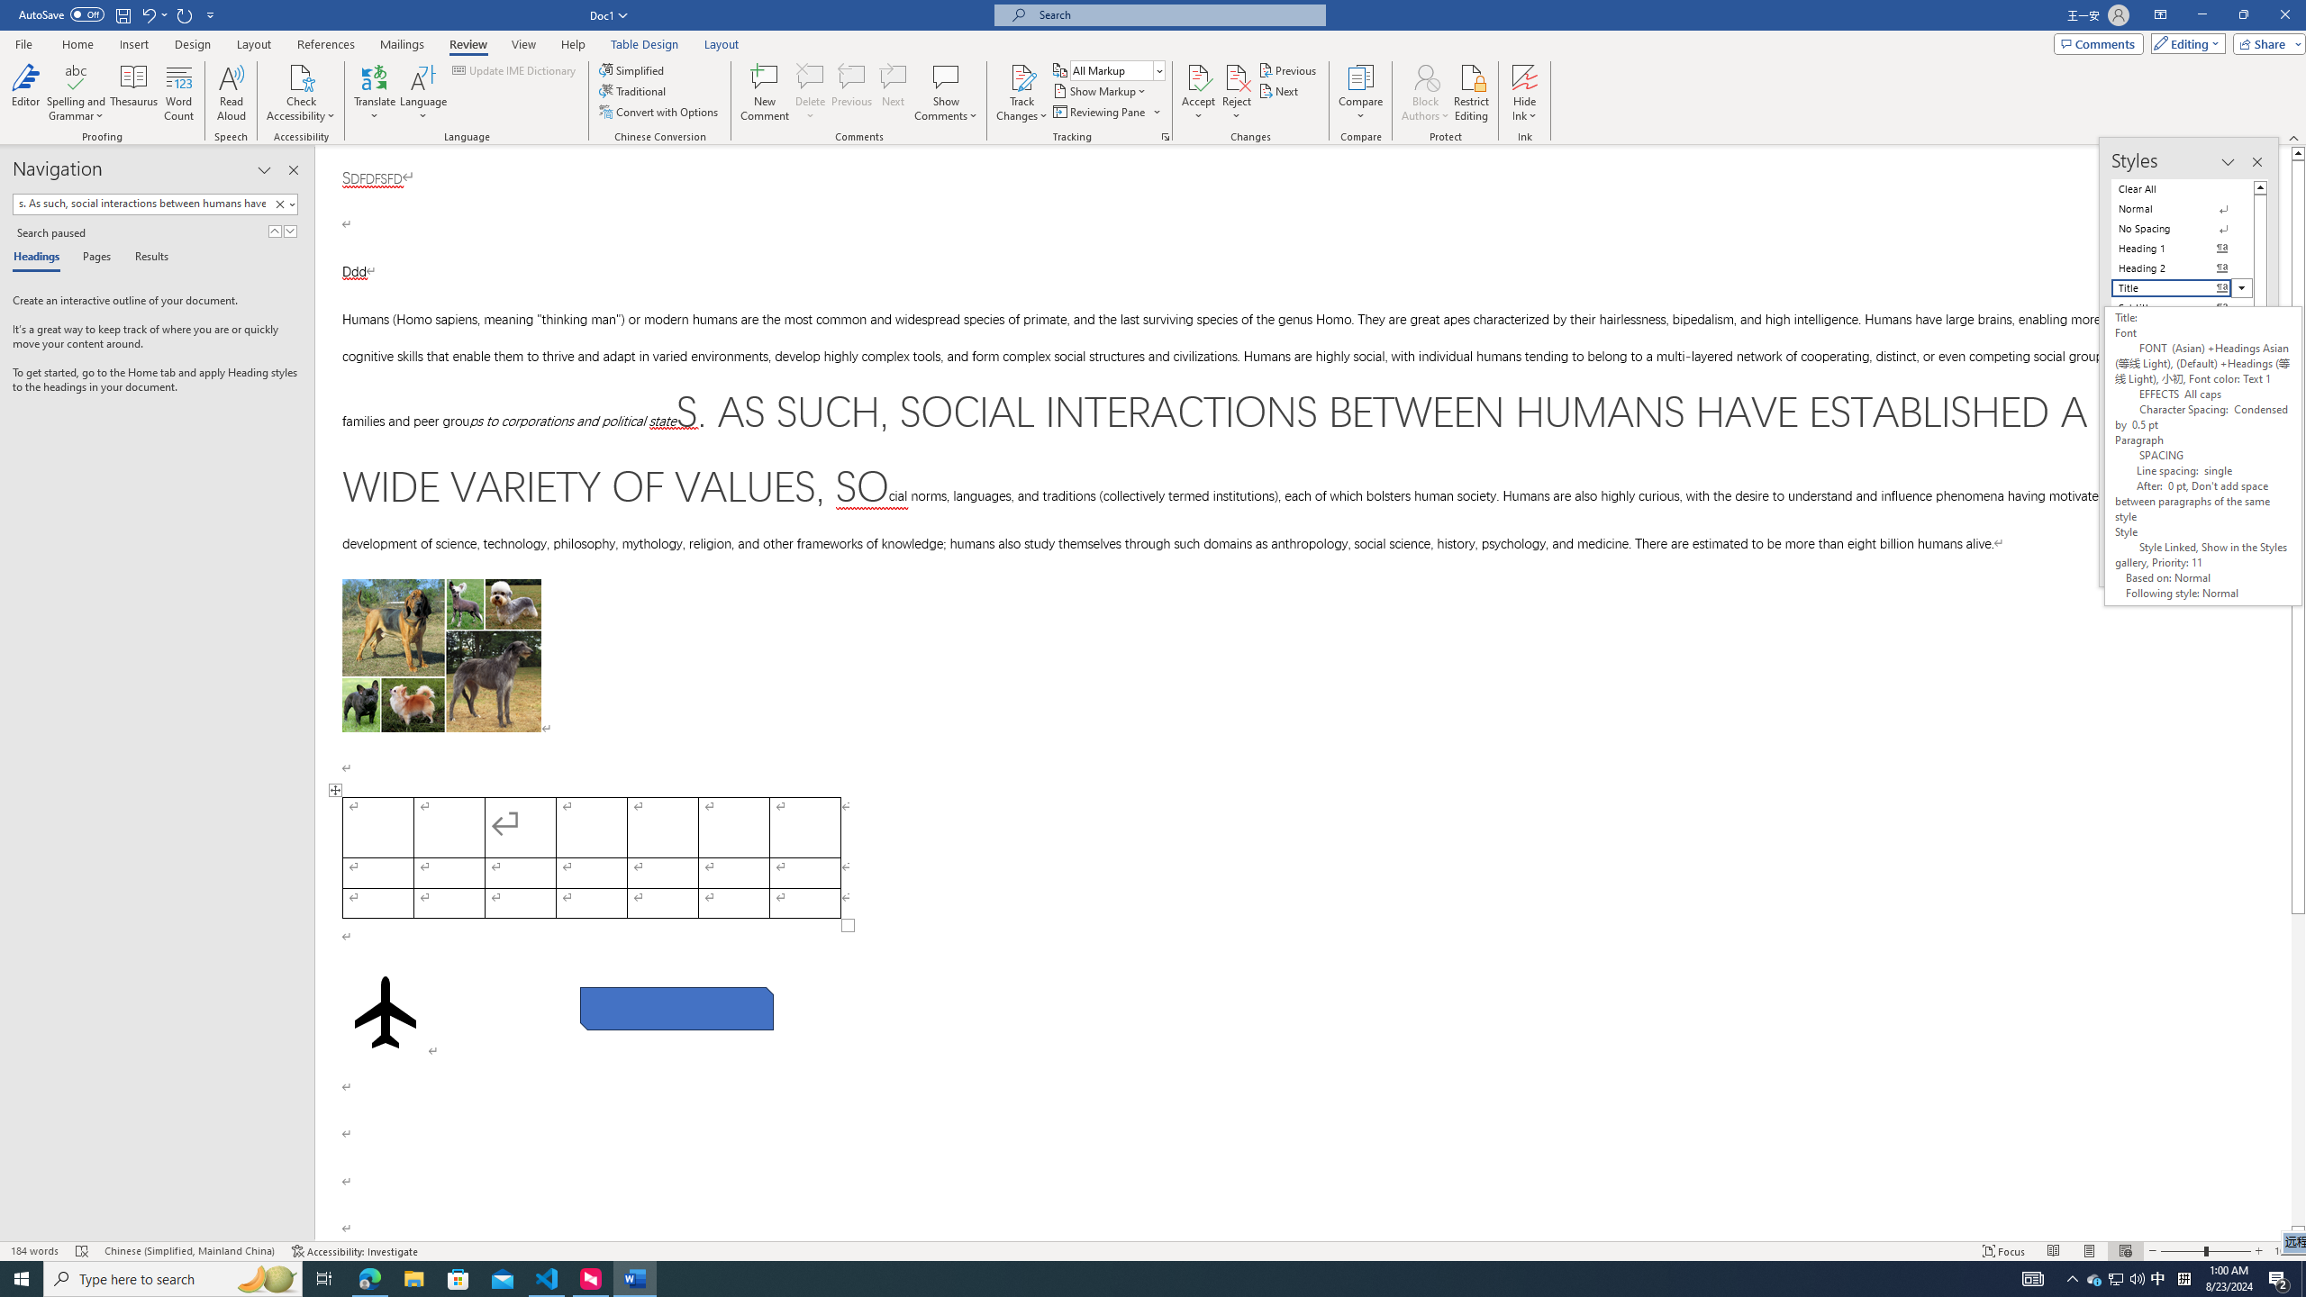  What do you see at coordinates (2182, 207) in the screenshot?
I see `'Normal'` at bounding box center [2182, 207].